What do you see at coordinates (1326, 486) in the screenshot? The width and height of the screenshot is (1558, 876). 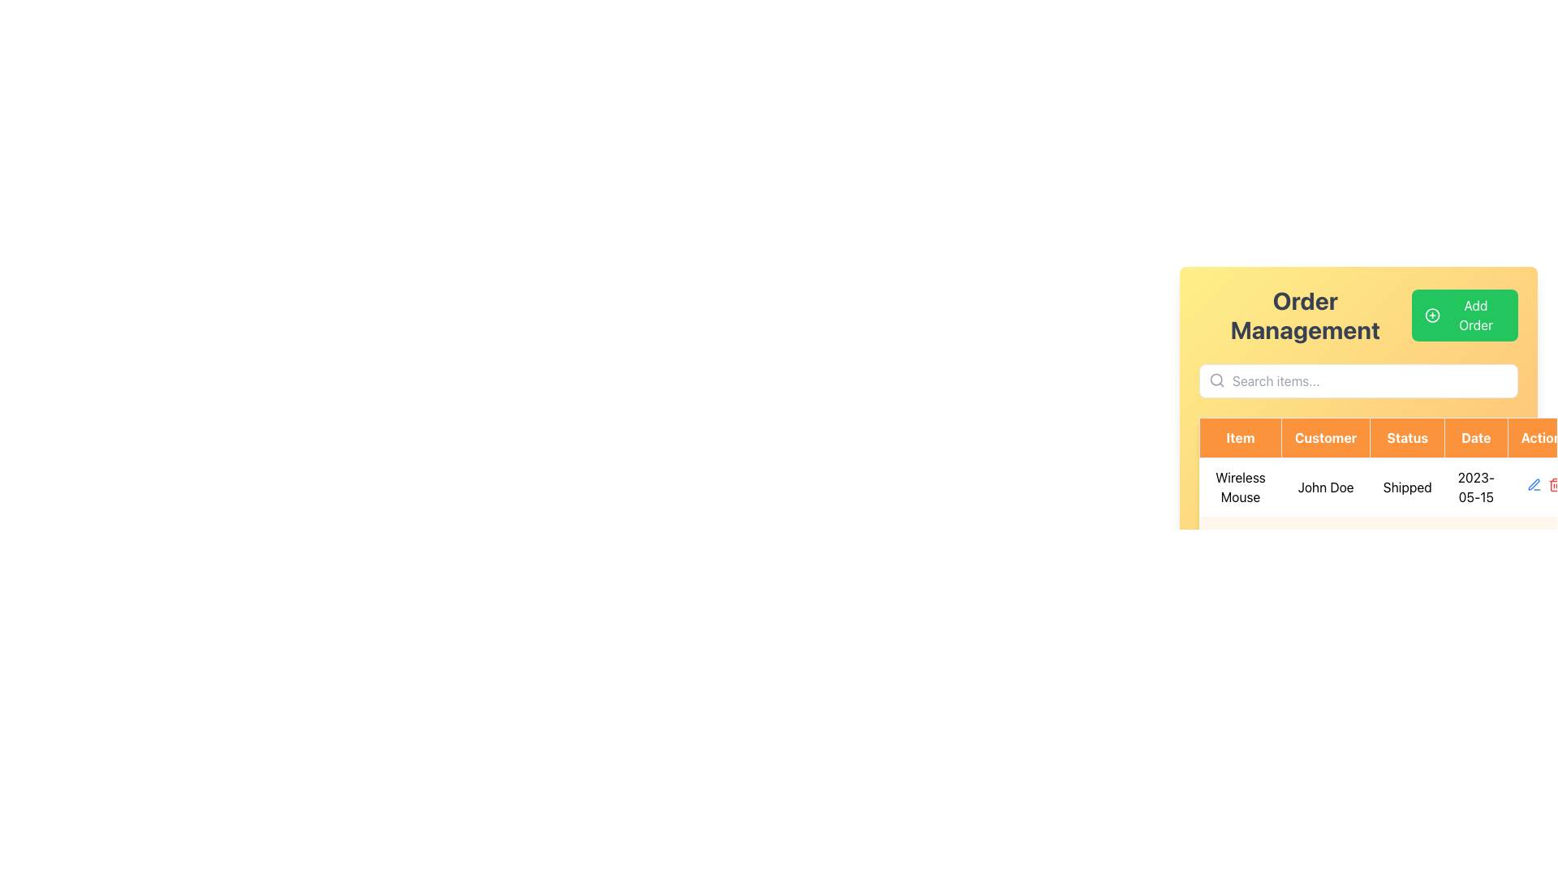 I see `the Text Label that displays the customer name associated with the order details for 'Wireless Mouse' in the table` at bounding box center [1326, 486].